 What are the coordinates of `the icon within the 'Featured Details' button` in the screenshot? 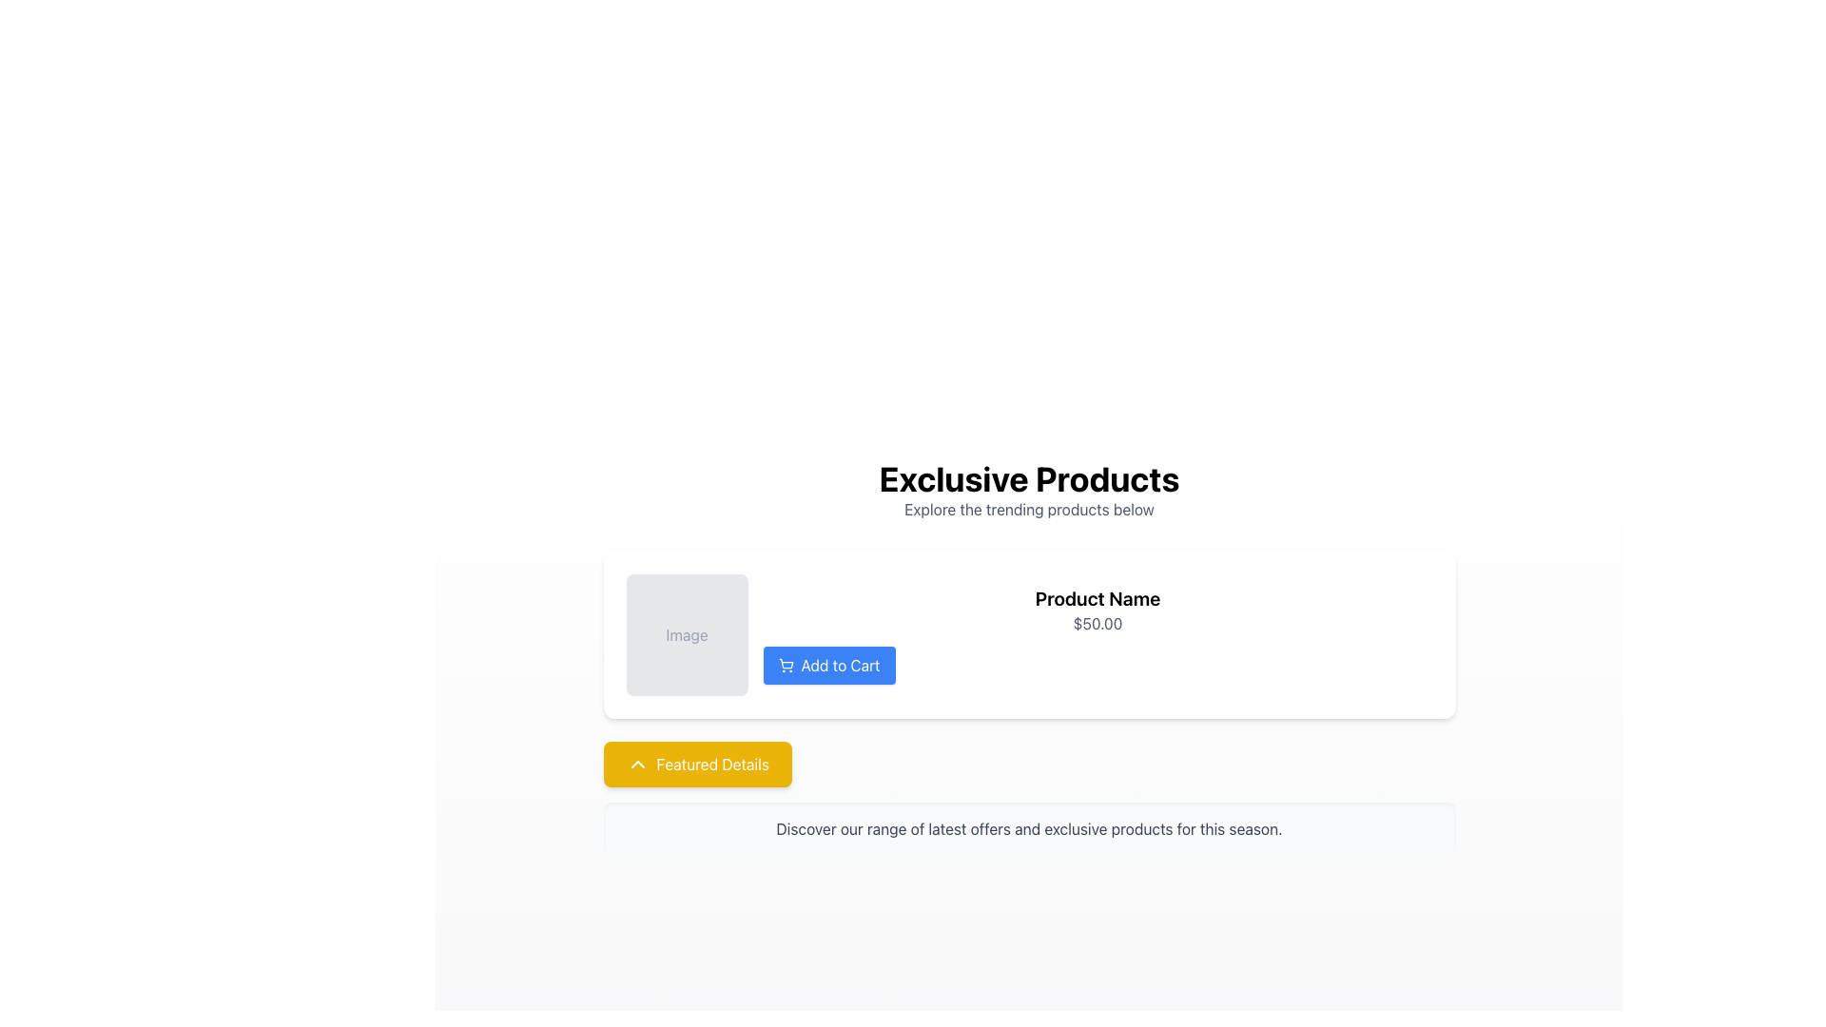 It's located at (637, 763).